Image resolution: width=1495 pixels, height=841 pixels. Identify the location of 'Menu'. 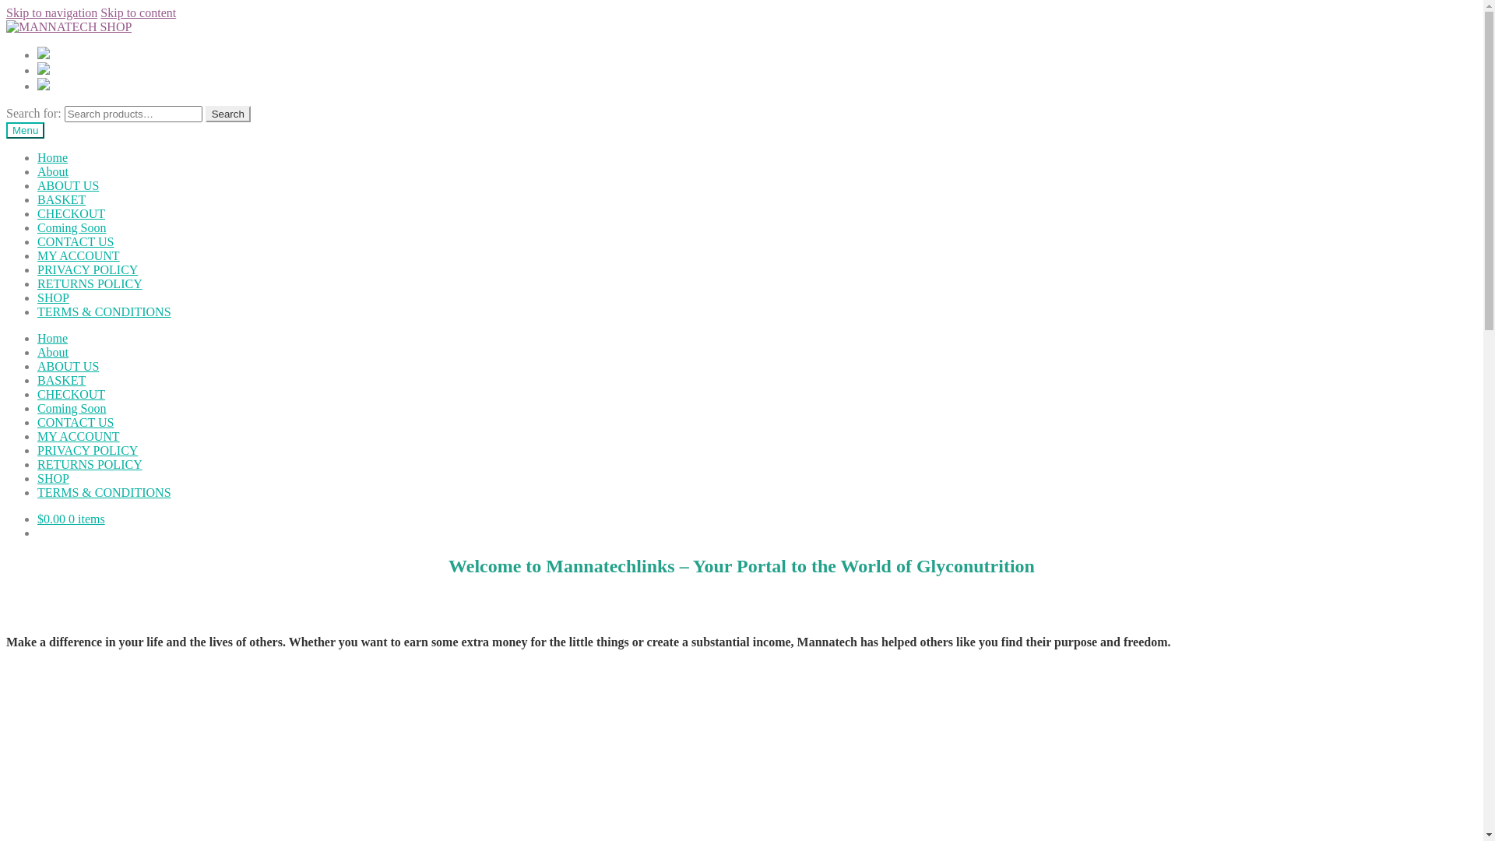
(6, 129).